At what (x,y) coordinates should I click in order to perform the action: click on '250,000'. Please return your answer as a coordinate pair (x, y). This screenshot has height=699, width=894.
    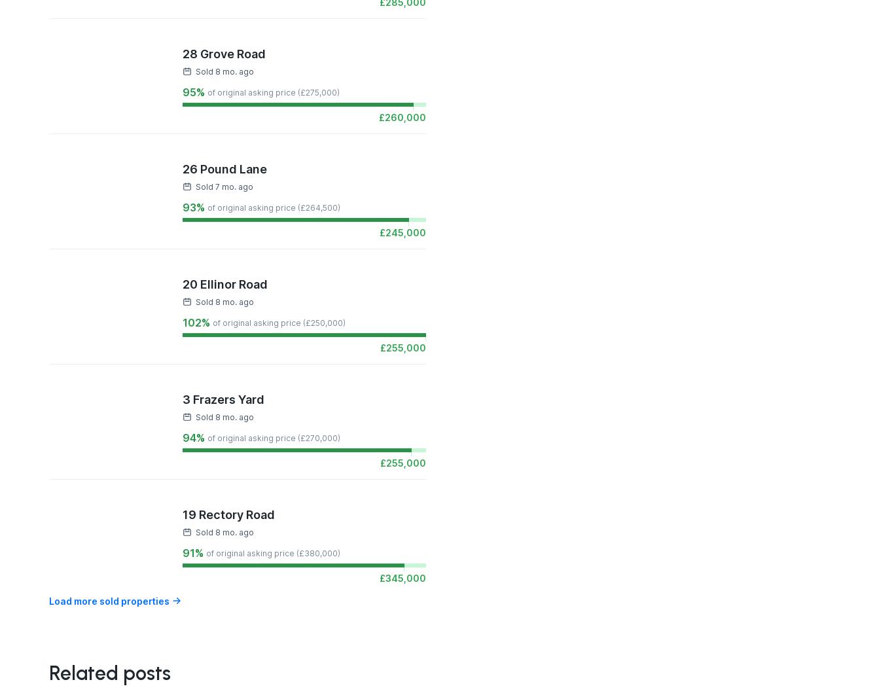
    Looking at the image, I should click on (327, 322).